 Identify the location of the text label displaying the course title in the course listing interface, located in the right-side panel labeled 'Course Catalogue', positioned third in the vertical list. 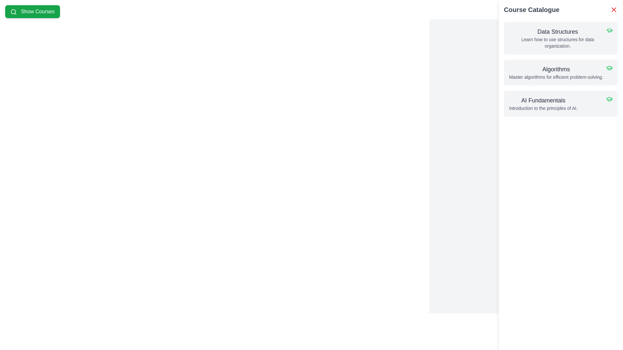
(543, 100).